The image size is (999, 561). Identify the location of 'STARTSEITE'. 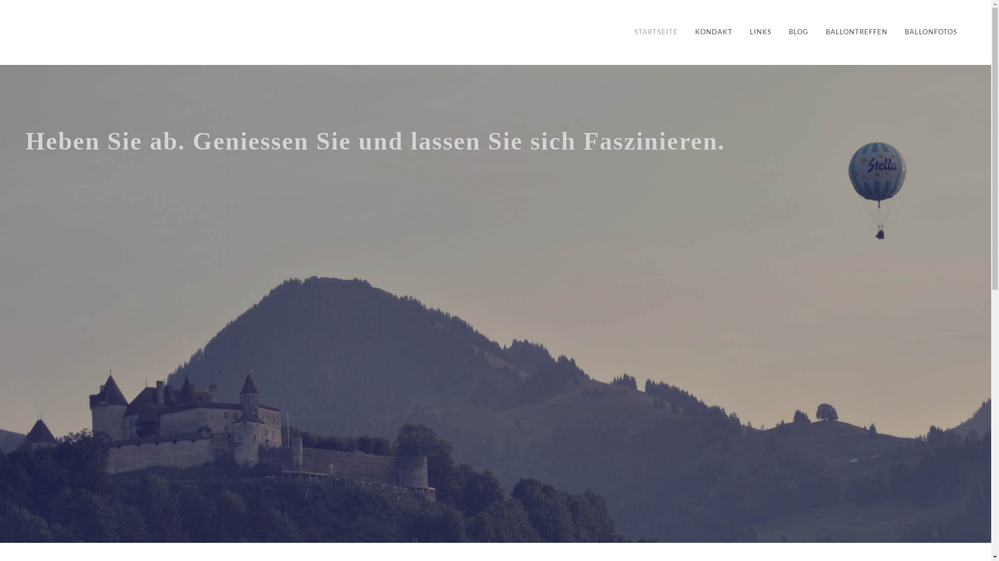
(656, 32).